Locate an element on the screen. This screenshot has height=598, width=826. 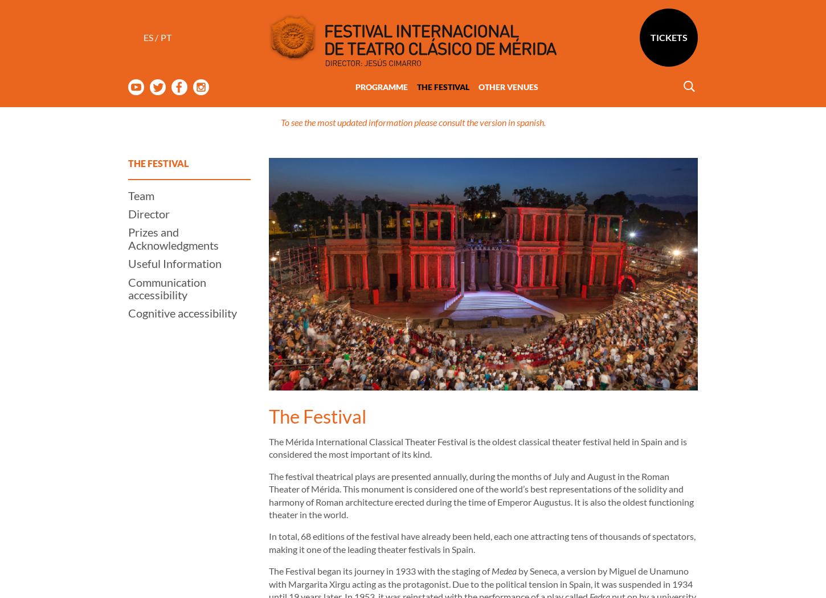
'The Festival began its journey in 1933 with the staging of' is located at coordinates (268, 524).